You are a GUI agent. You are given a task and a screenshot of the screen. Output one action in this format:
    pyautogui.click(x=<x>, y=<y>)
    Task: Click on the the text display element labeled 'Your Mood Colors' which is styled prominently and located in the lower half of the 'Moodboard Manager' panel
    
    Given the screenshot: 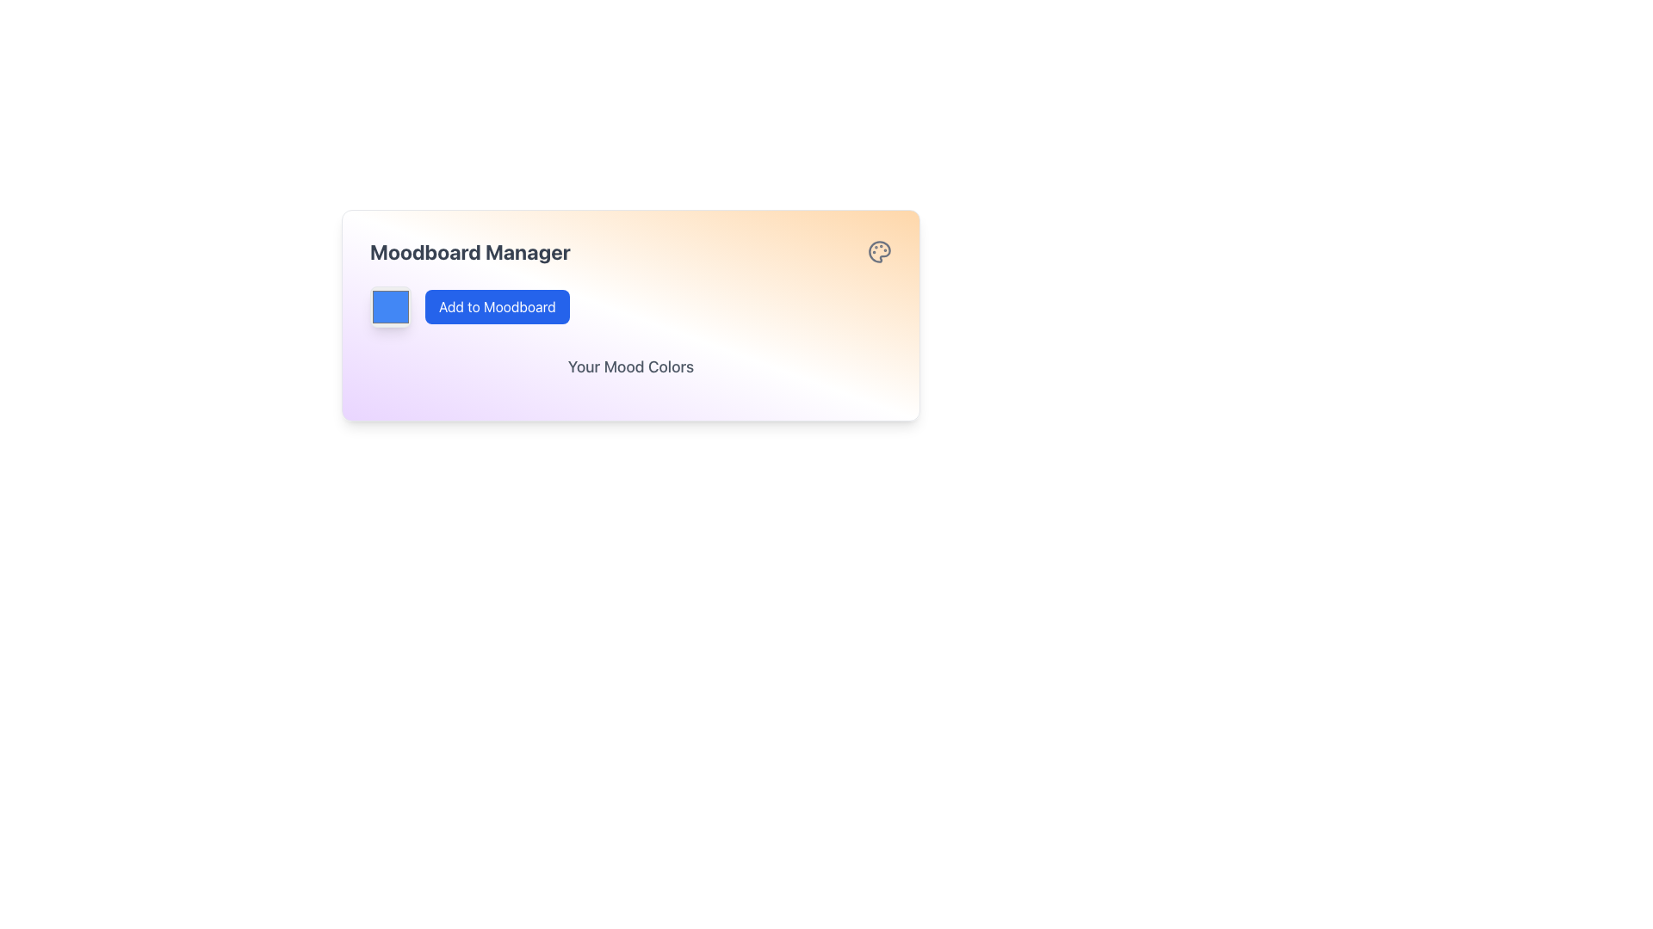 What is the action you would take?
    pyautogui.click(x=630, y=373)
    